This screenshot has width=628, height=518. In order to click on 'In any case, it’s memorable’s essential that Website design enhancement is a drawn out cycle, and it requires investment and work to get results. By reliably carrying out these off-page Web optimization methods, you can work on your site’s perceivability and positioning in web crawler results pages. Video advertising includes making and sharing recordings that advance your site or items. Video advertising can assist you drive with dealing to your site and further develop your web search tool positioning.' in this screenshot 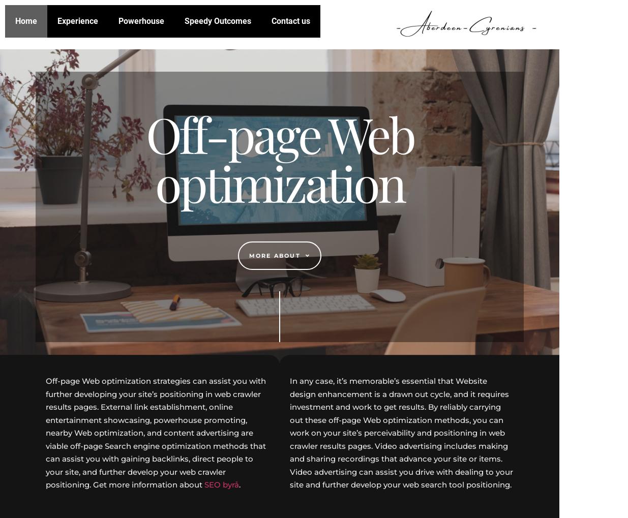, I will do `click(401, 432)`.